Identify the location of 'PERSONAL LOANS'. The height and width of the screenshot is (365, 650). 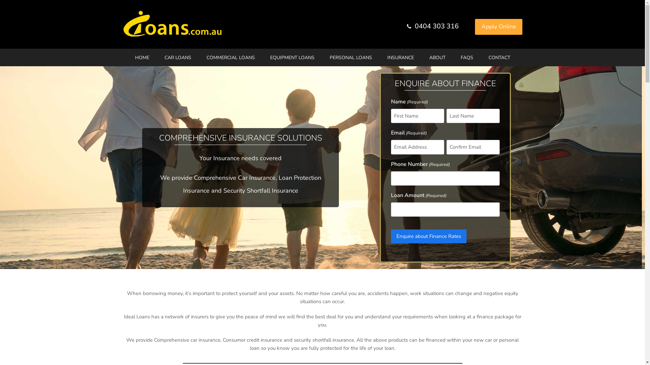
(351, 57).